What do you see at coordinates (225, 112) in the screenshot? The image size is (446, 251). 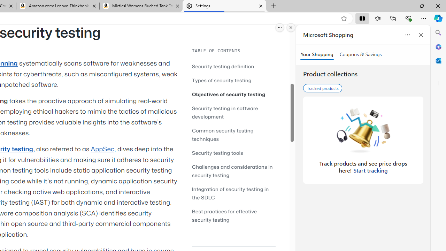 I see `'Security testing in software development'` at bounding box center [225, 112].